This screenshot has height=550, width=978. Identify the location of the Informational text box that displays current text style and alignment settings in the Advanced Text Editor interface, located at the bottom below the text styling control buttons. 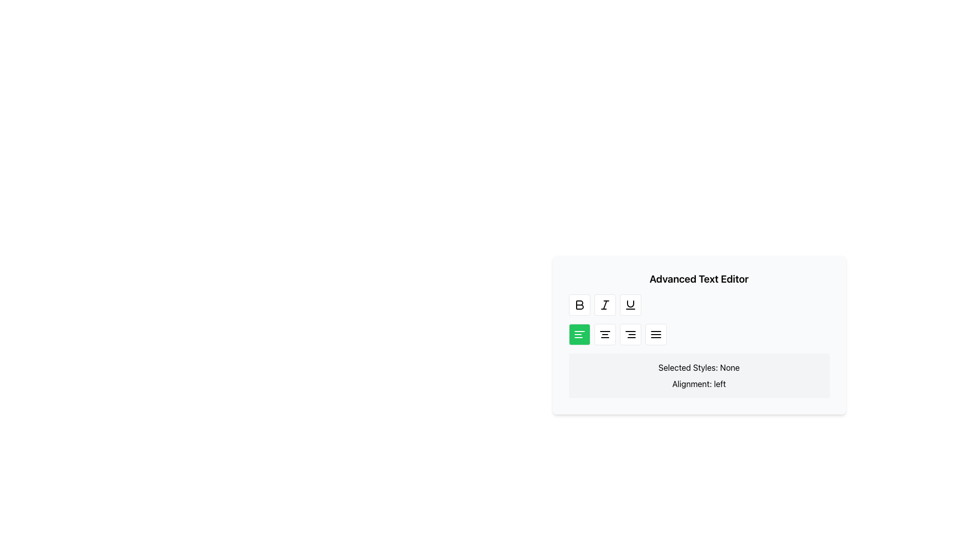
(698, 375).